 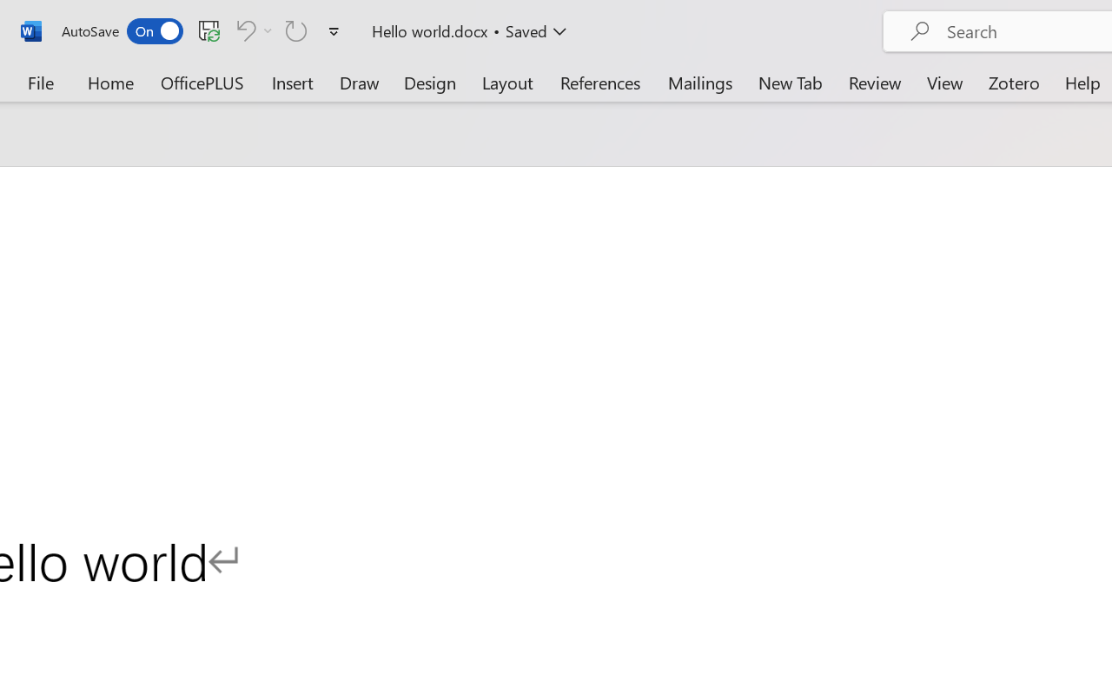 I want to click on 'References', so click(x=600, y=82).